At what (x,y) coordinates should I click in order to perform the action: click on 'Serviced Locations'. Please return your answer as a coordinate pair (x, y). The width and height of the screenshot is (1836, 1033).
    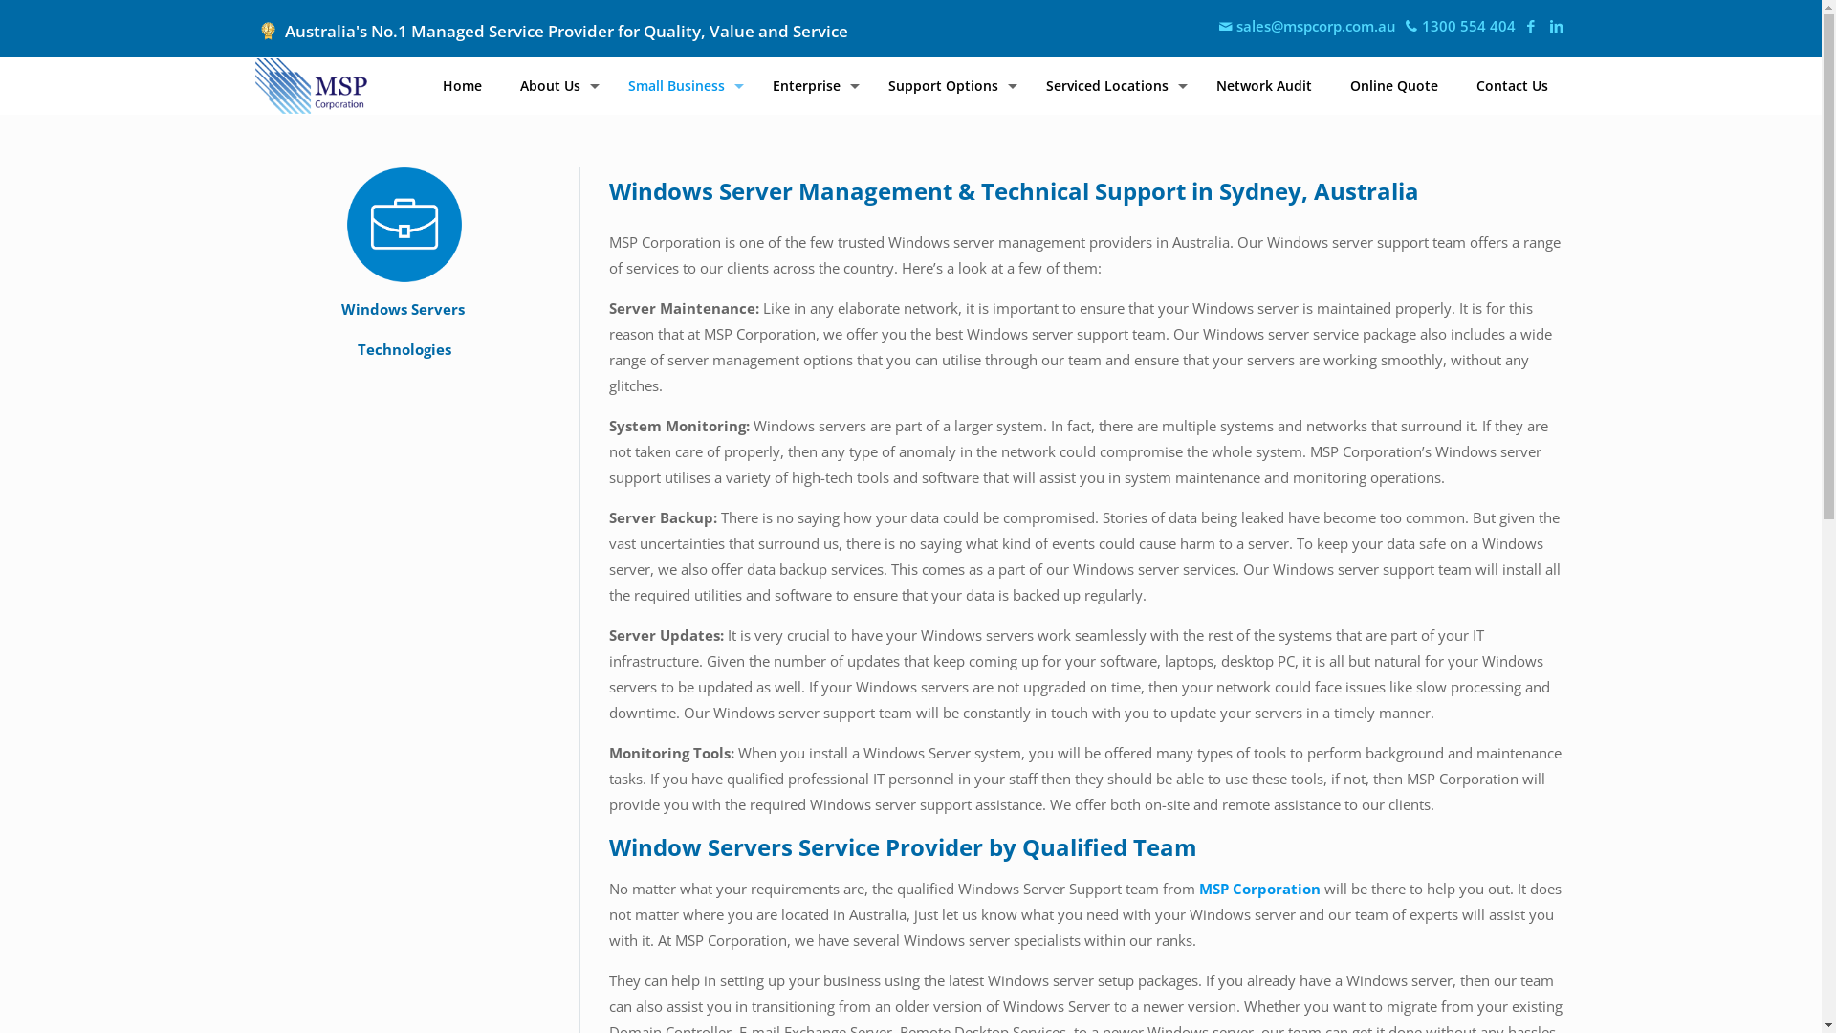
    Looking at the image, I should click on (1026, 84).